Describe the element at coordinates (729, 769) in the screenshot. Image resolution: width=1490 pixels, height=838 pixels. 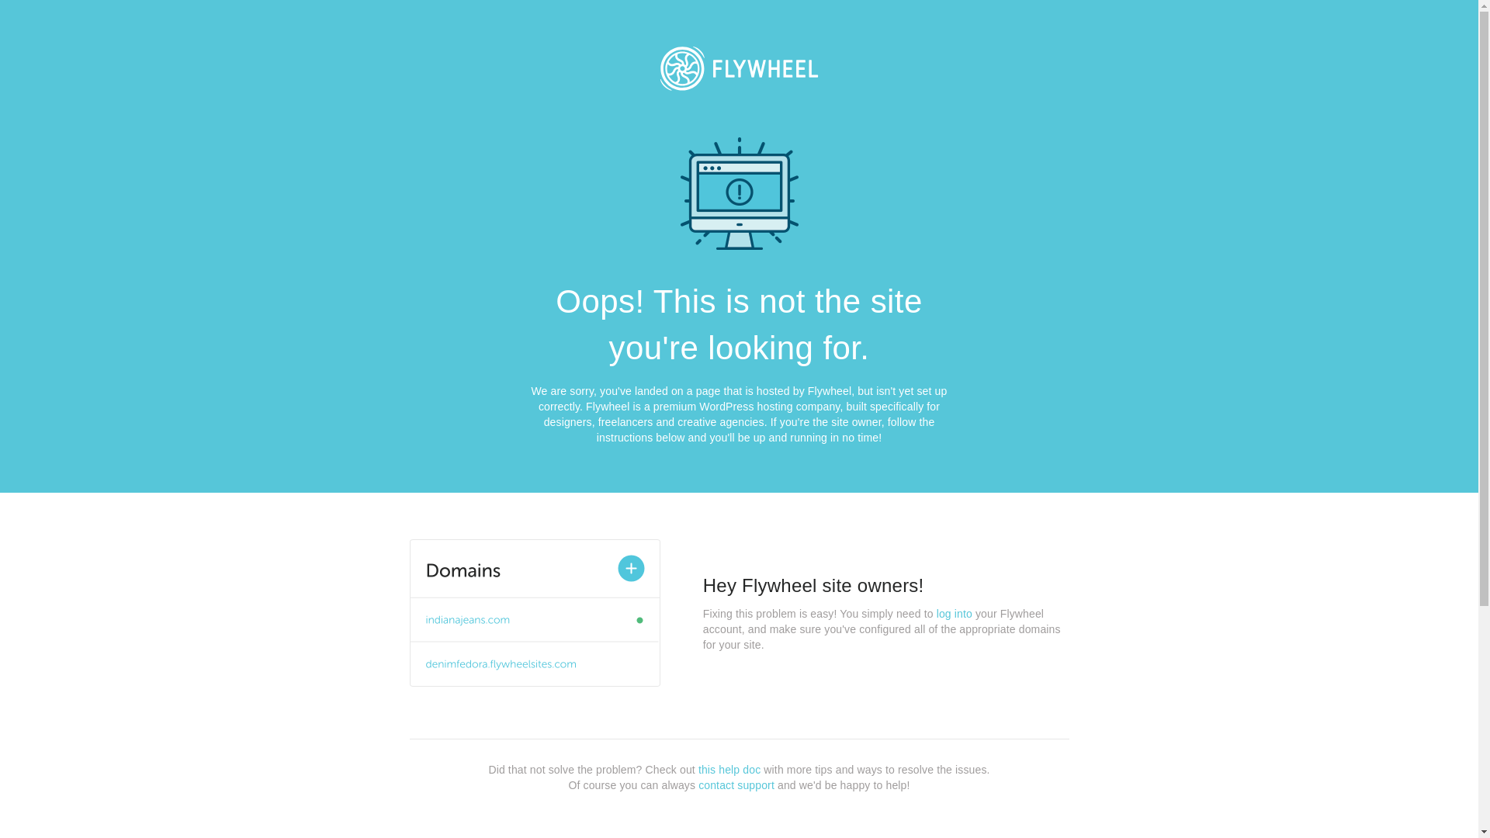
I see `'this help doc'` at that location.